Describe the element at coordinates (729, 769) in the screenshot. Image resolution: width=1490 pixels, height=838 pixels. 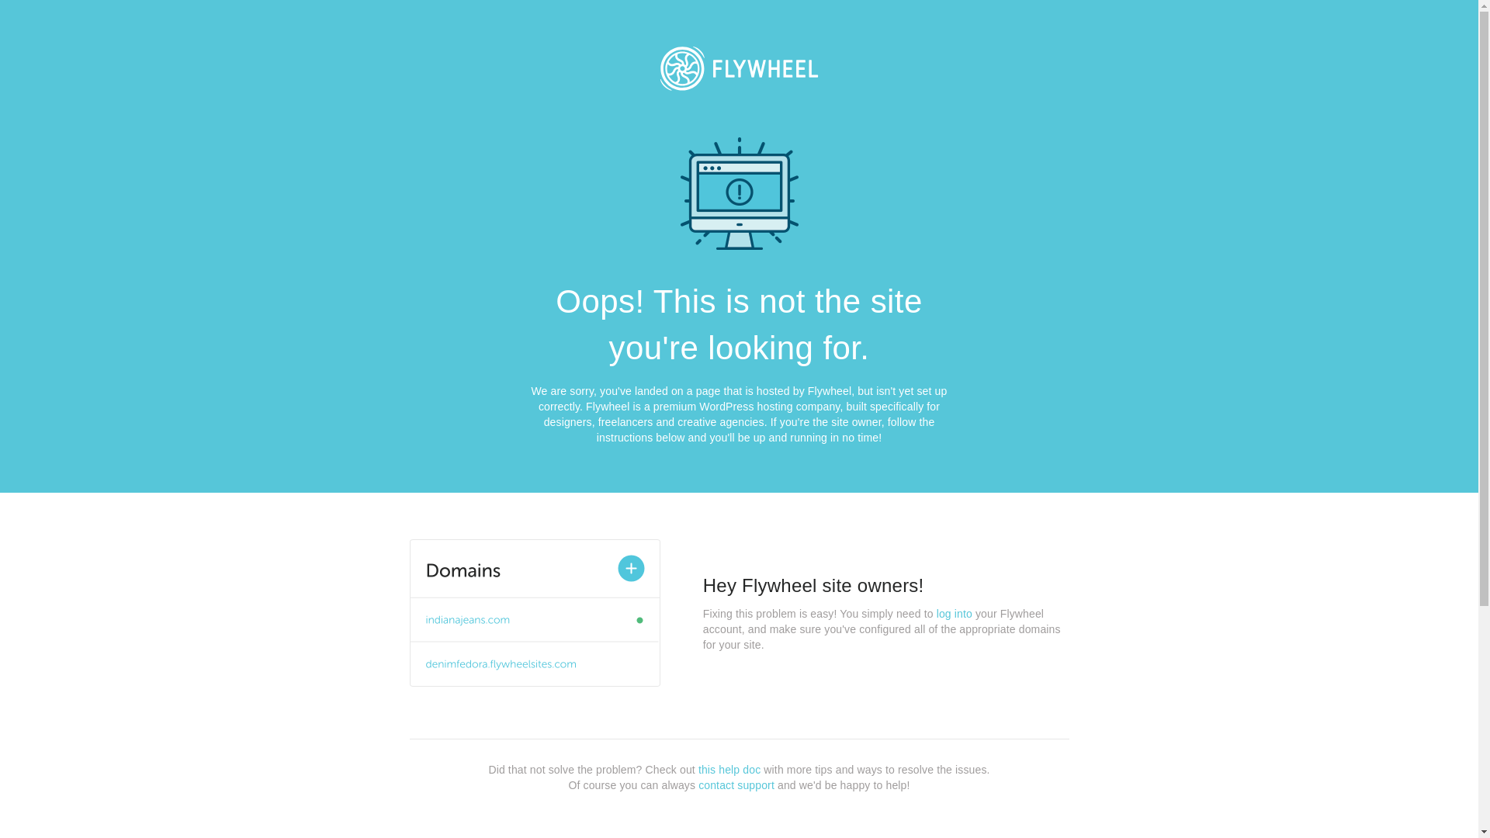
I see `'this help doc'` at that location.